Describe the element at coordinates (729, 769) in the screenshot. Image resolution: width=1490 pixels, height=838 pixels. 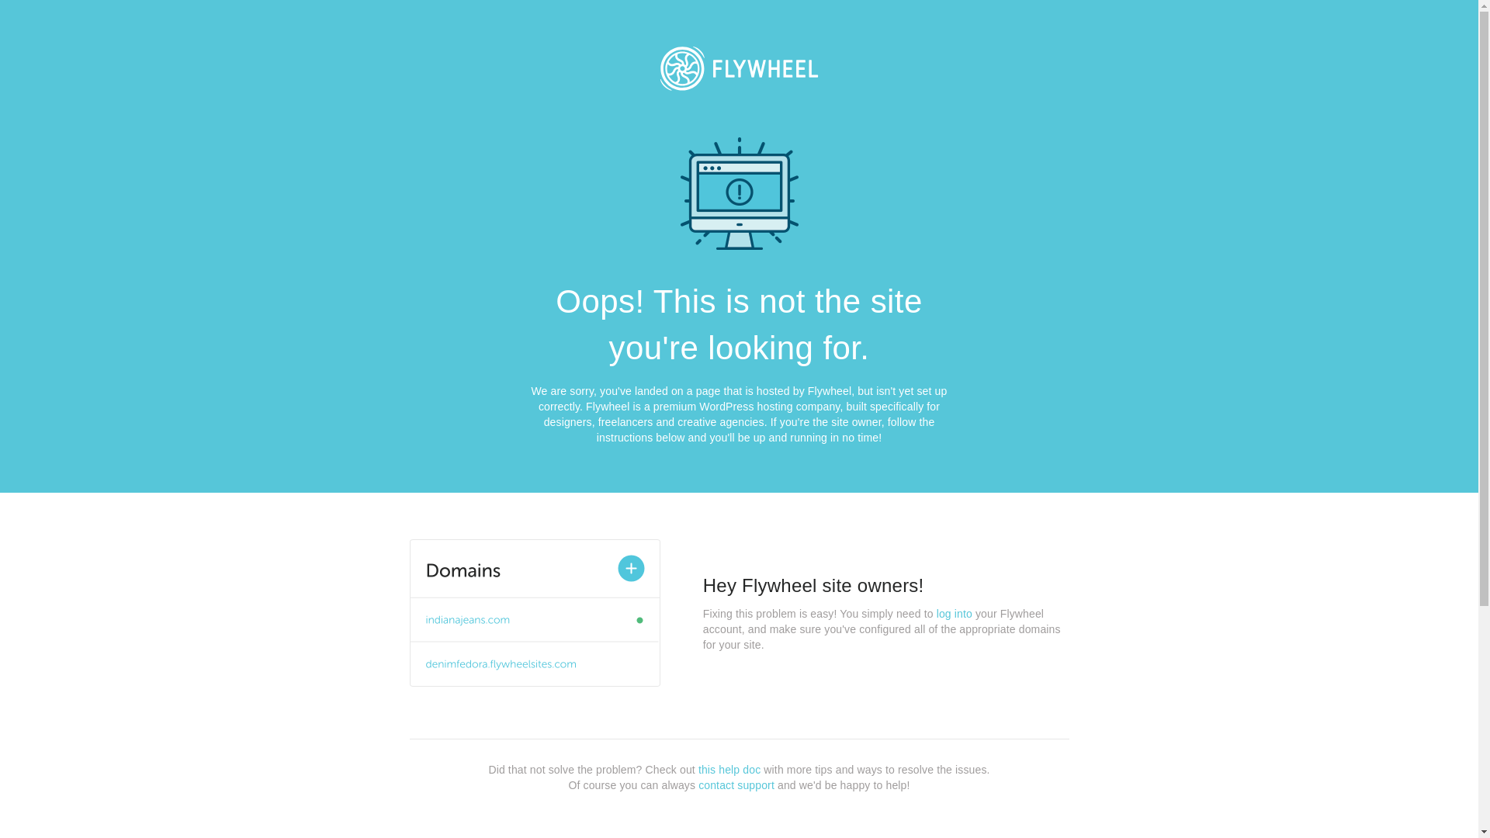
I see `'this help doc'` at that location.